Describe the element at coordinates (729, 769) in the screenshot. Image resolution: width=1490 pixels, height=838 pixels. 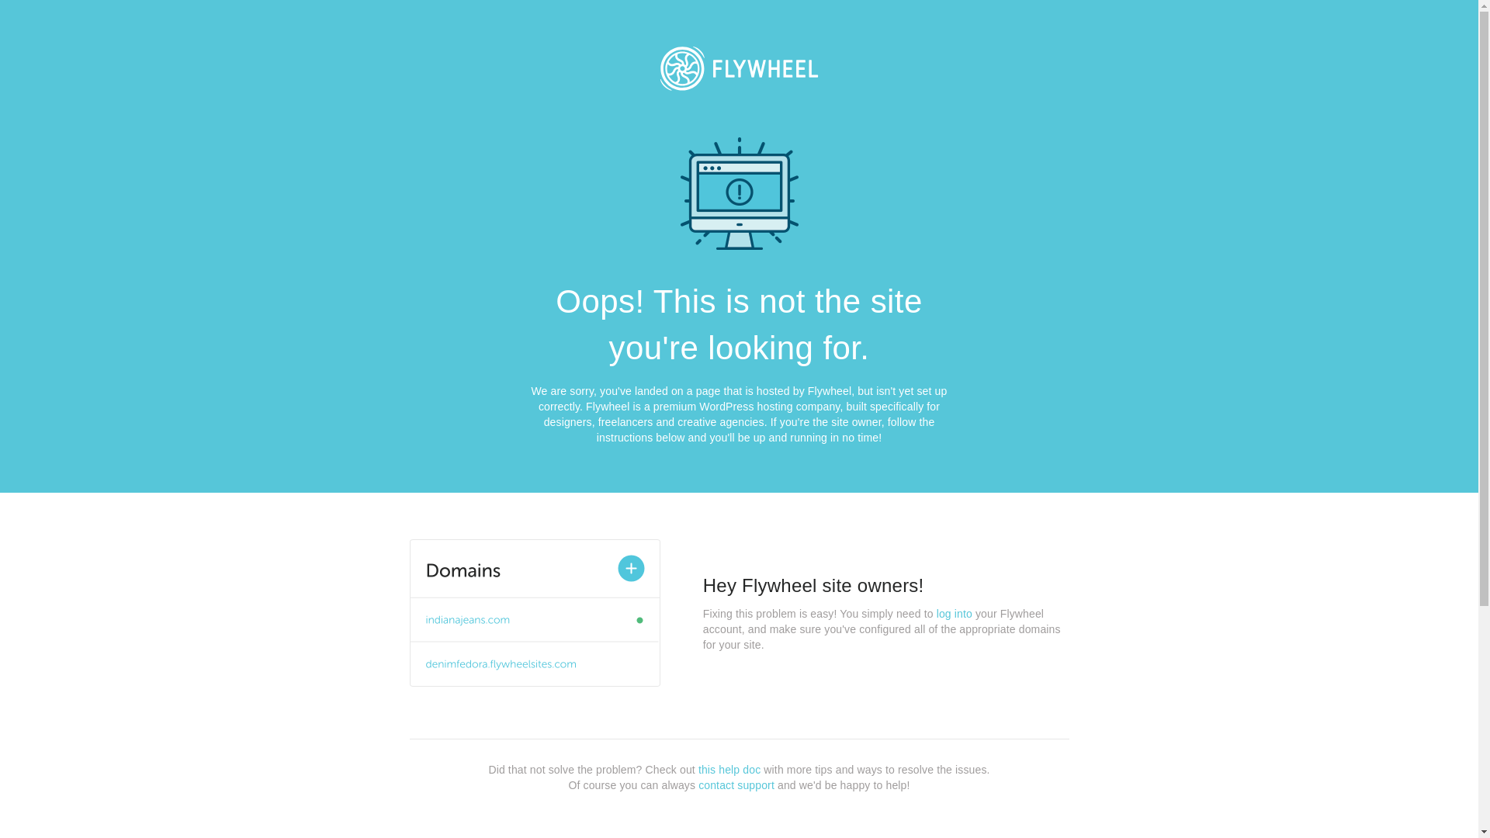
I see `'this help doc'` at that location.